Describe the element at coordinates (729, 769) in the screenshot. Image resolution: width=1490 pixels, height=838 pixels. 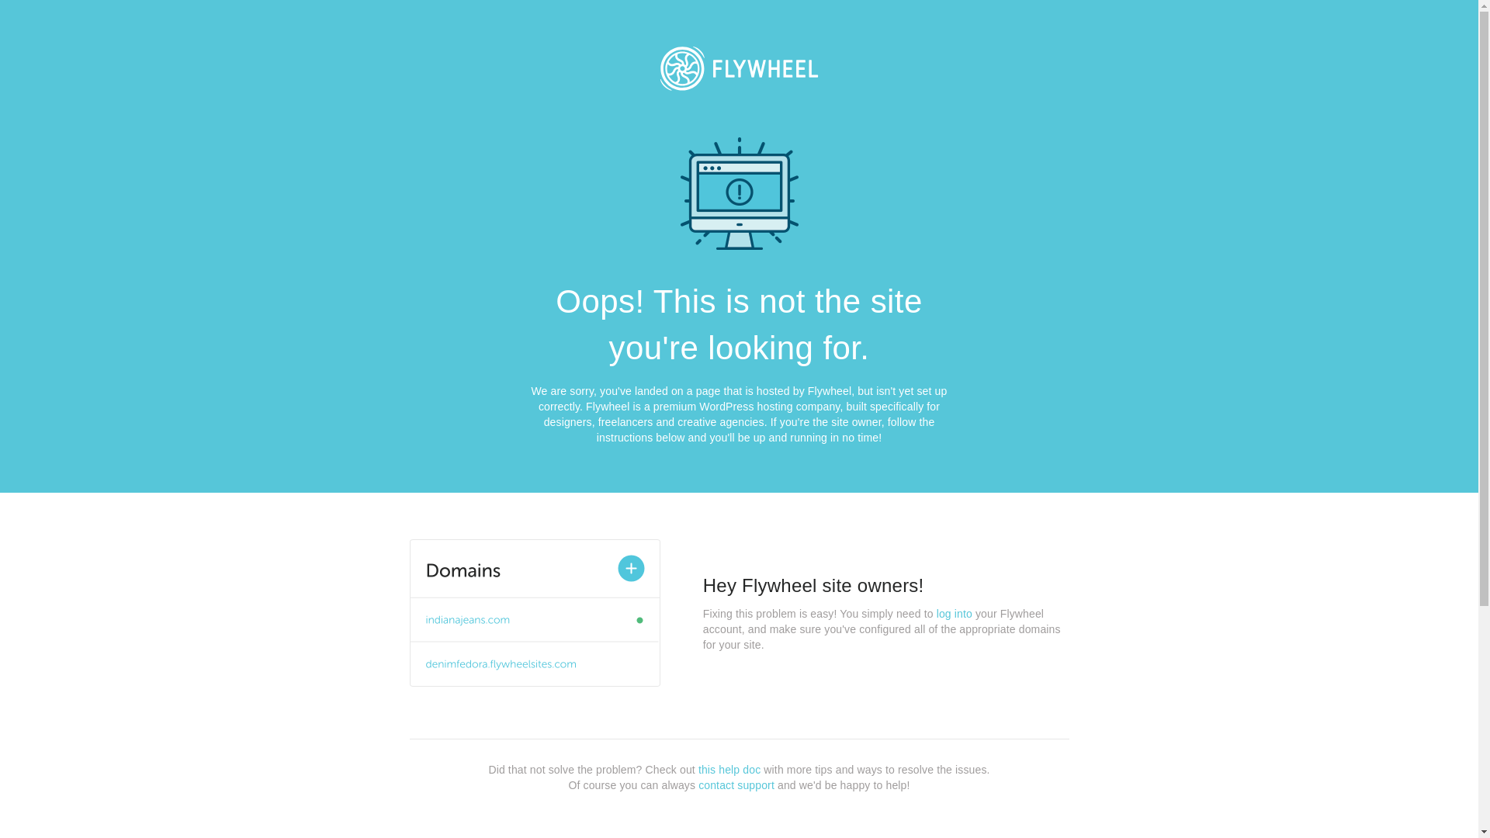
I see `'this help doc'` at that location.